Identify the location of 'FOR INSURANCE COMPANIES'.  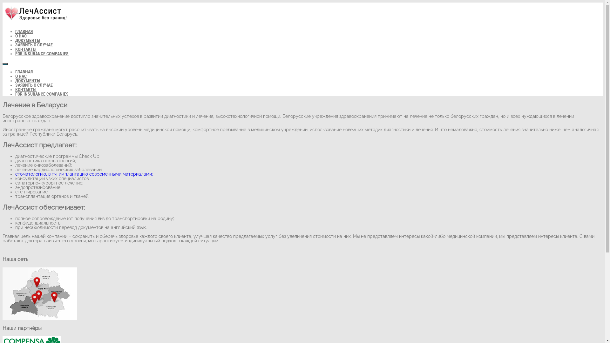
(42, 53).